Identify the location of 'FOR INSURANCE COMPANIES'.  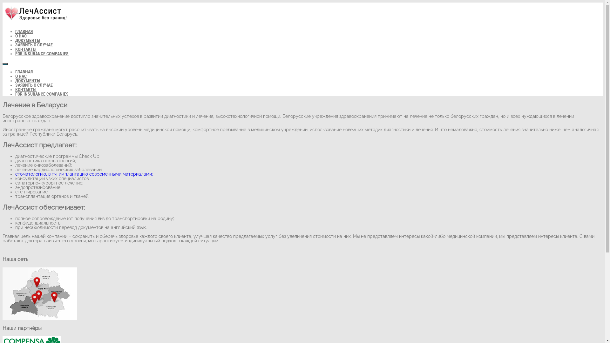
(42, 53).